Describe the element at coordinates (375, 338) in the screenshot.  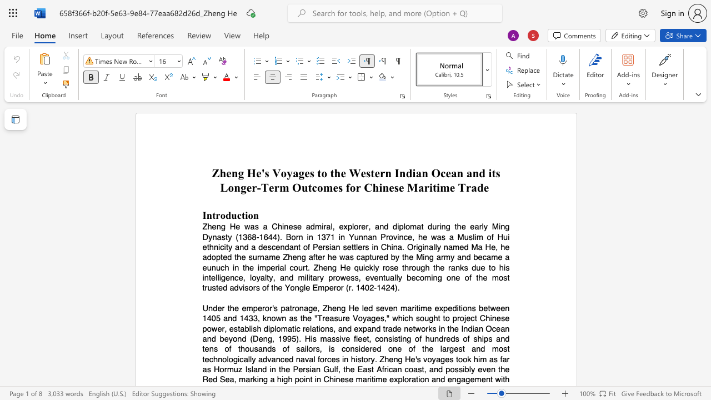
I see `the subset text "consisting of hundreds of ships and tens of thousands of sailors, is considered one of the largest and most technologically adv" within the text "diplomatic relations, and expand trade networks in the Indian Ocean and beyond (Deng, 1995). His massive fleet, consisting of hundreds of ships and tens of thousands of sailors, is considered one of the largest and most technologically advanced naval forces in history. Zheng He"` at that location.